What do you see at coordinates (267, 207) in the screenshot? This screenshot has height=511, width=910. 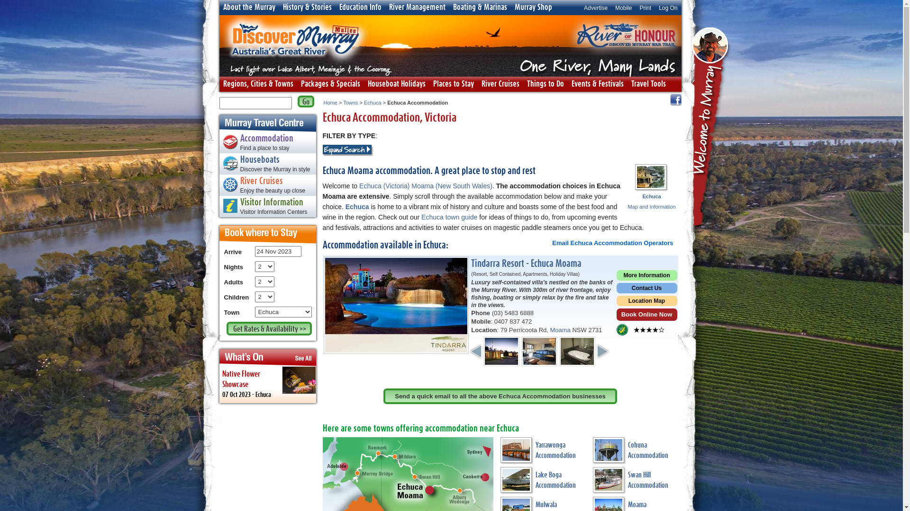 I see `'Visitor Information` at bounding box center [267, 207].